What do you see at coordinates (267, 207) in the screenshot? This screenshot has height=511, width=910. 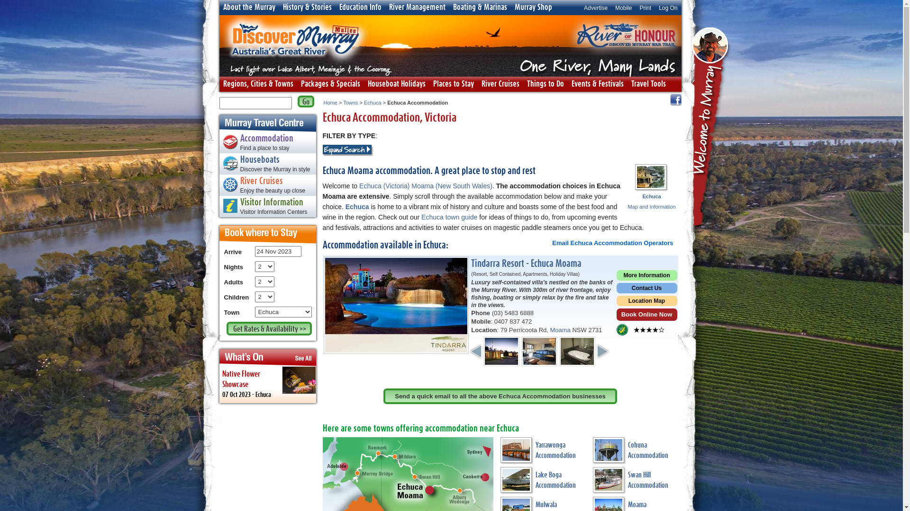 I see `'Visitor Information` at bounding box center [267, 207].